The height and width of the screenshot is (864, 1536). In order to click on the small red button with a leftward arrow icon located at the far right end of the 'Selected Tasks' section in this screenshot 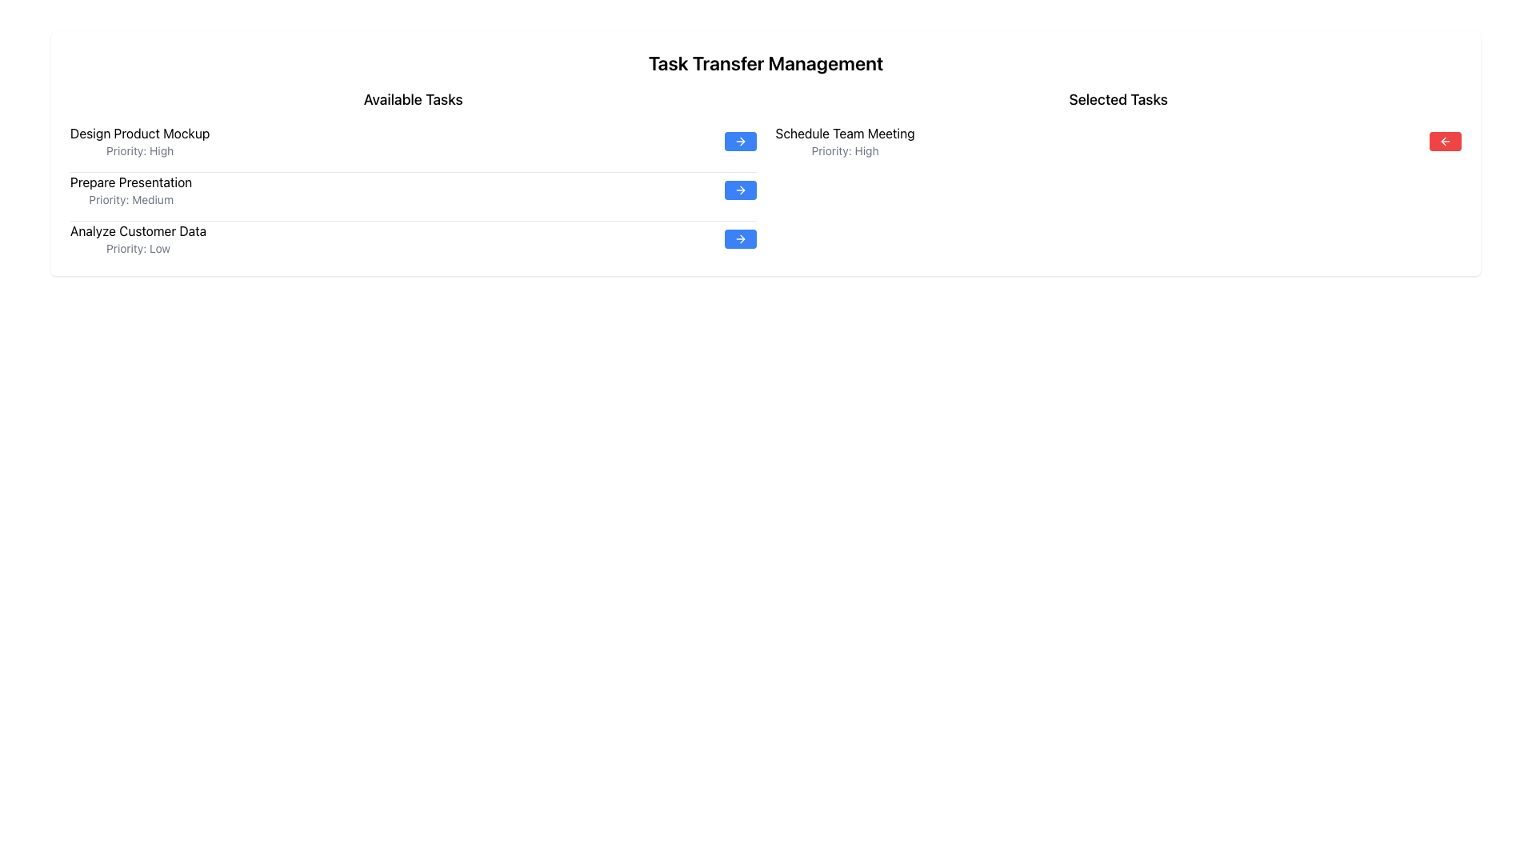, I will do `click(1445, 141)`.